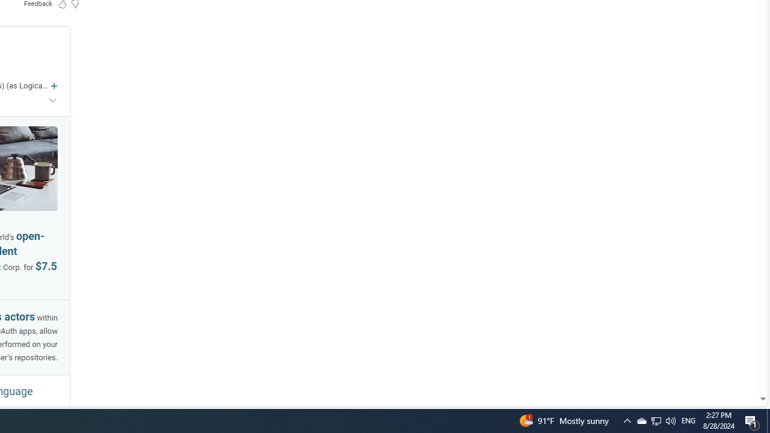 The width and height of the screenshot is (770, 433). I want to click on 'AutomationID: mfa_root', so click(717, 362).